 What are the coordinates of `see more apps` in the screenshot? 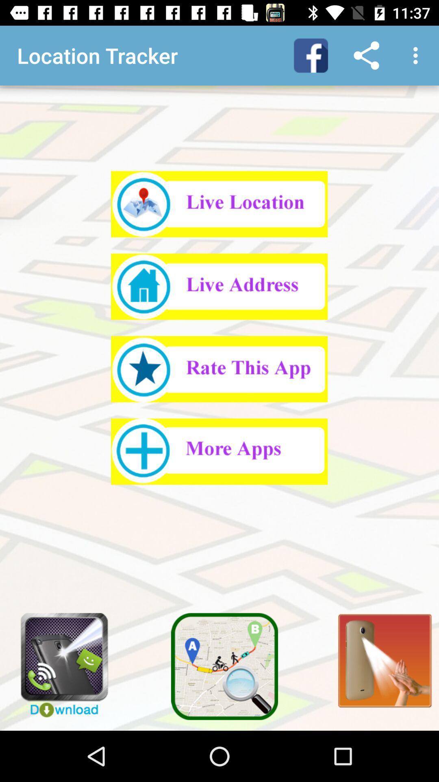 It's located at (219, 451).